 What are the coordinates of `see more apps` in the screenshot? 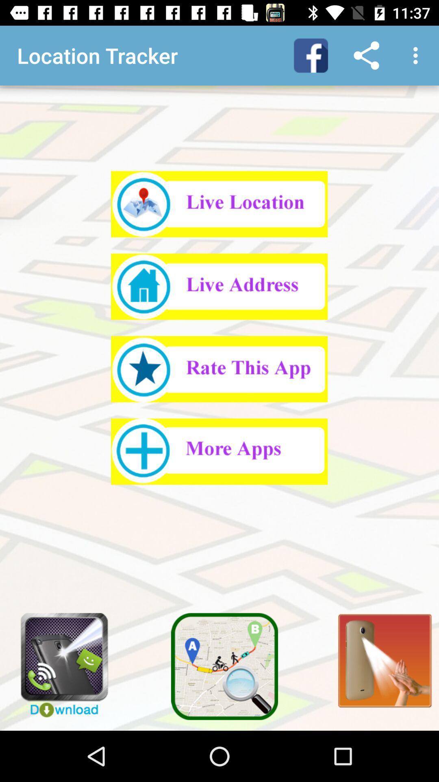 It's located at (219, 451).